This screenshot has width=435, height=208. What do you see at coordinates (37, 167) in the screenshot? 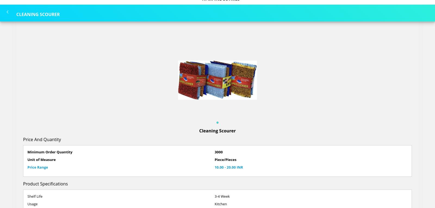
I see `'Price Range'` at bounding box center [37, 167].